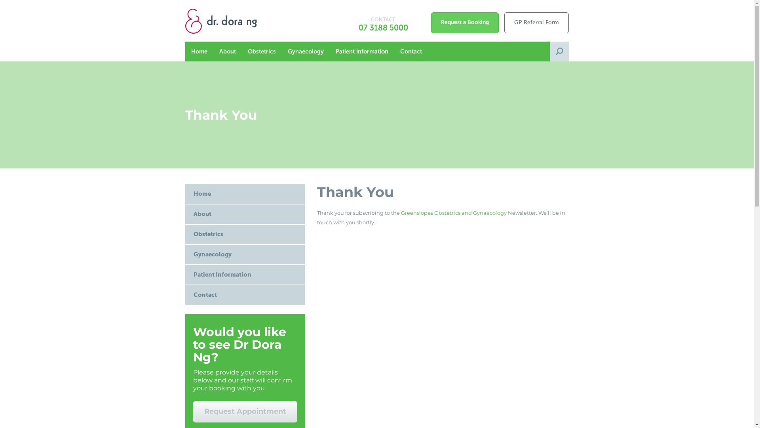  Describe the element at coordinates (383, 27) in the screenshot. I see `'07 3188 5000'` at that location.